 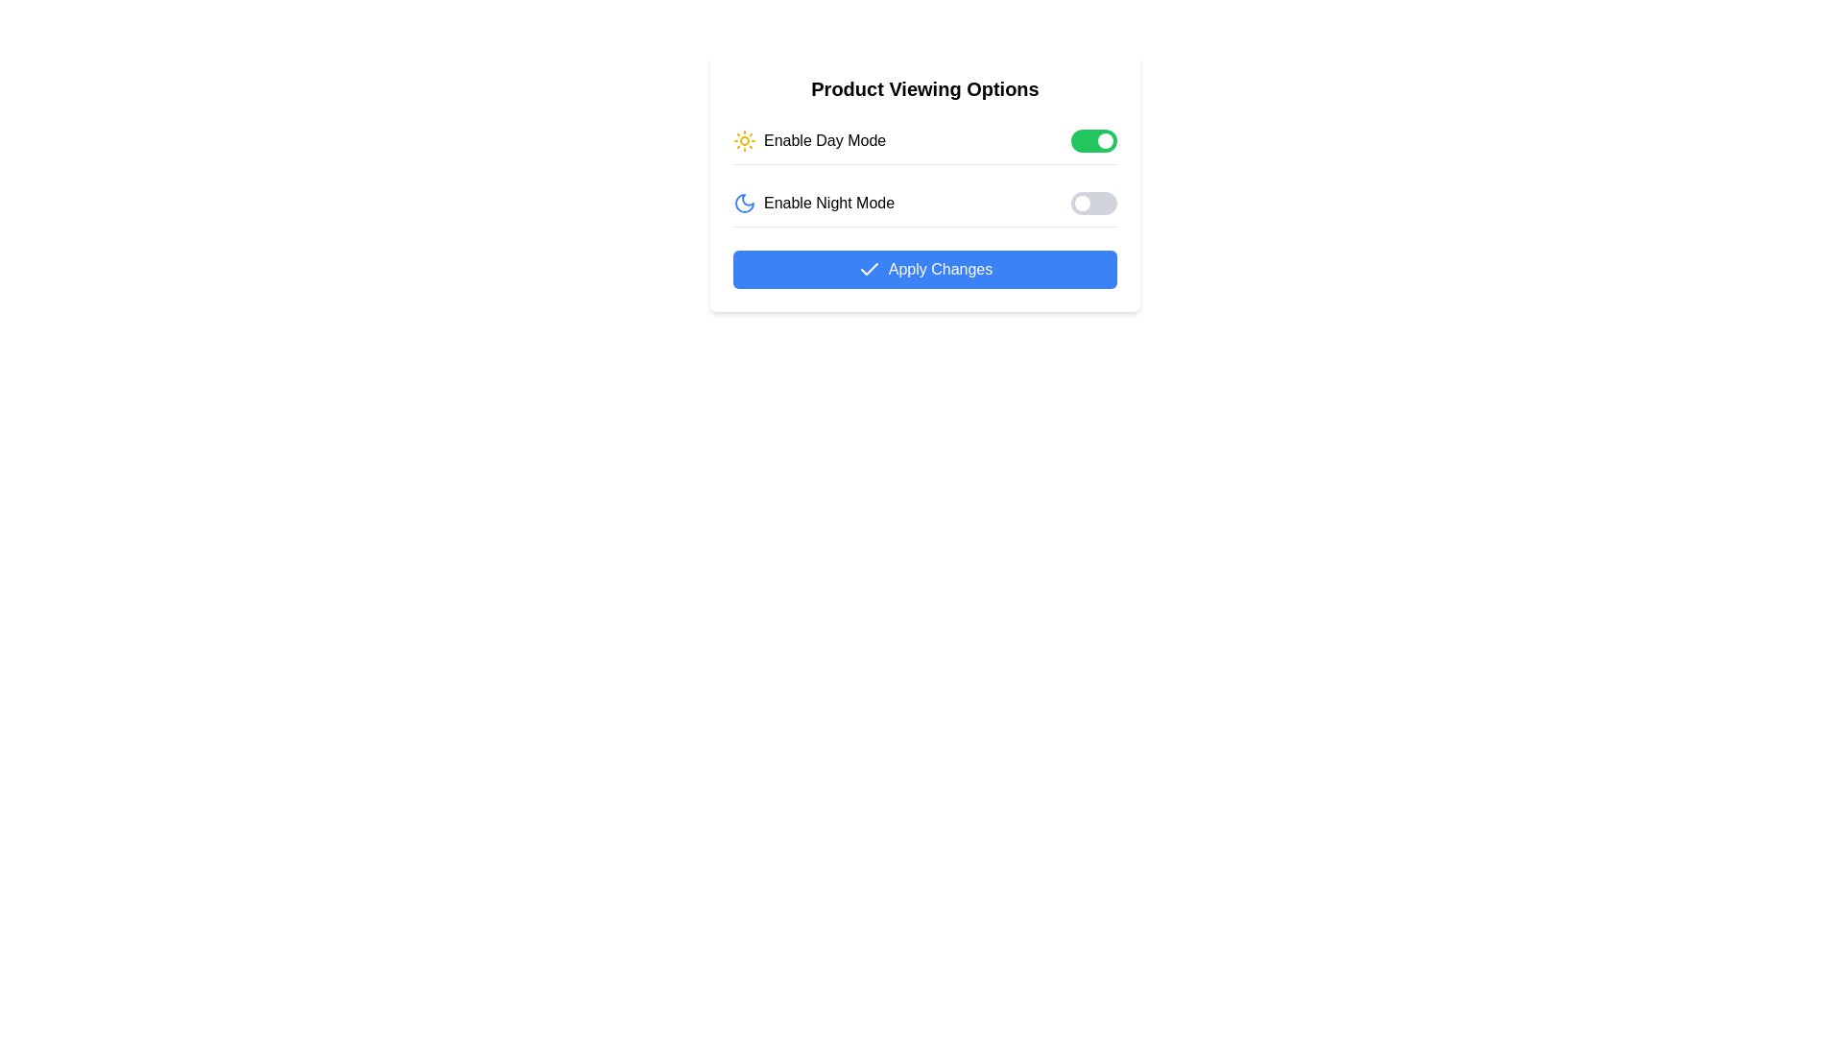 What do you see at coordinates (825, 139) in the screenshot?
I see `the text label 'Enable Day Mode' located to the right of a sun-shaped icon and left of a toggle switch in the settings menu for 'Product Viewing Options'` at bounding box center [825, 139].